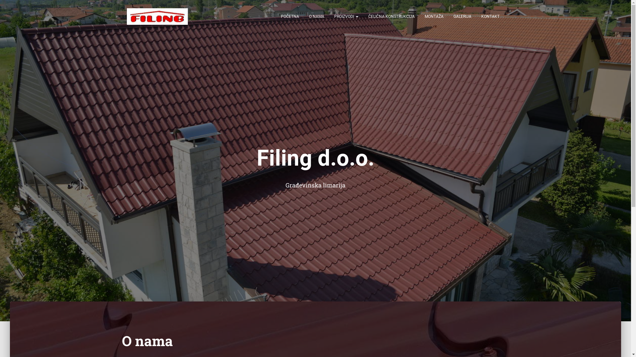 Image resolution: width=636 pixels, height=357 pixels. What do you see at coordinates (448, 16) in the screenshot?
I see `'GALERIJA'` at bounding box center [448, 16].